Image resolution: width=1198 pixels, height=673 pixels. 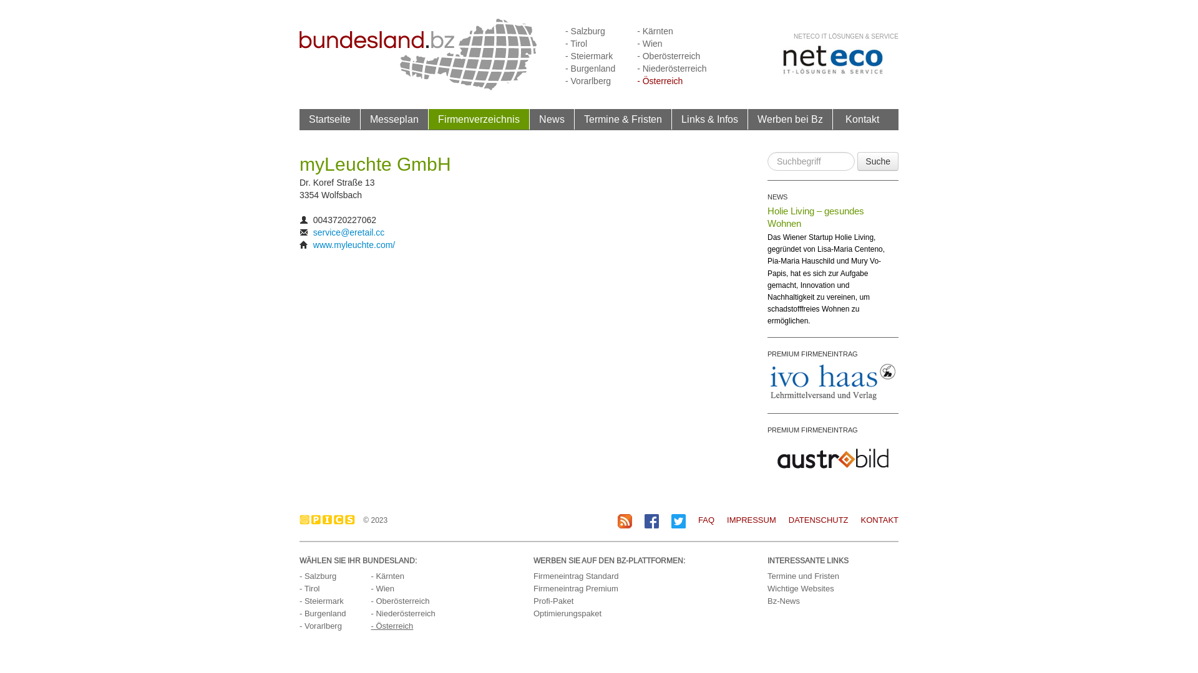 I want to click on '- Salzburg', so click(x=584, y=31).